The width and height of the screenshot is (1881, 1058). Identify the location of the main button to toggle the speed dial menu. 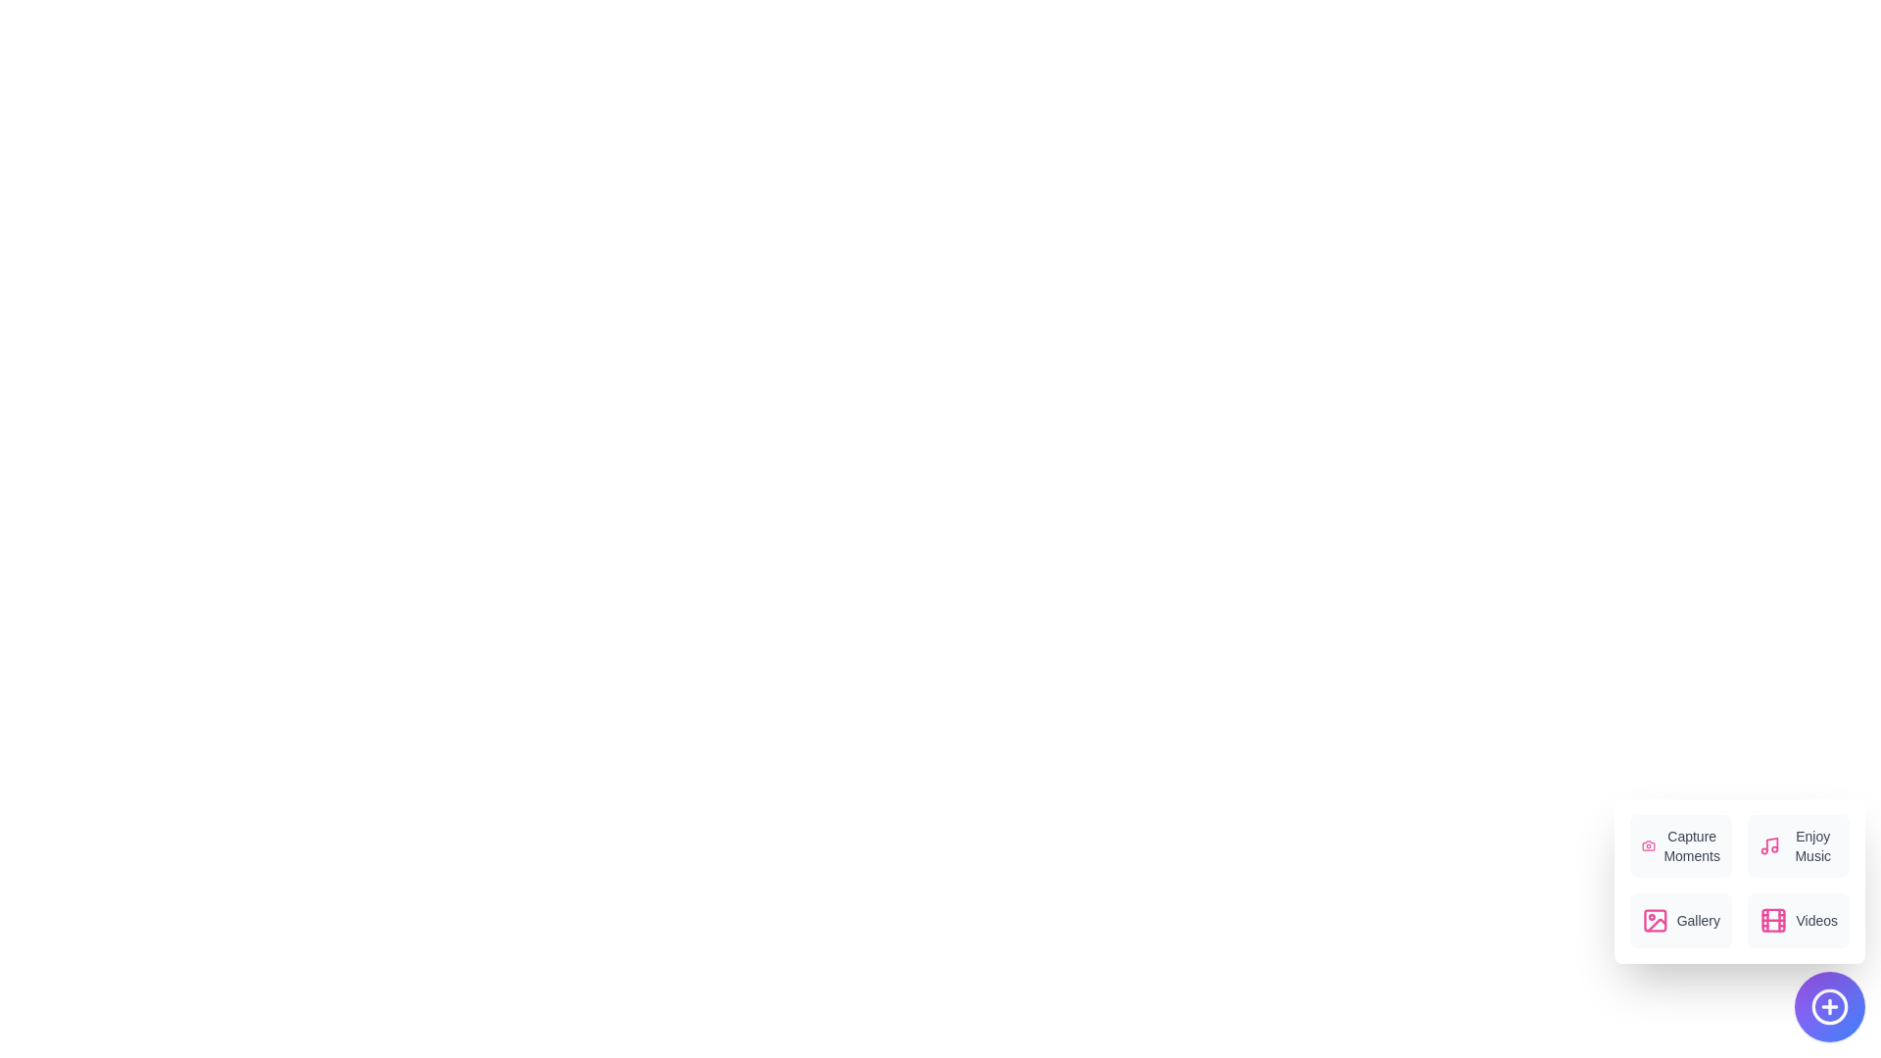
(1828, 1007).